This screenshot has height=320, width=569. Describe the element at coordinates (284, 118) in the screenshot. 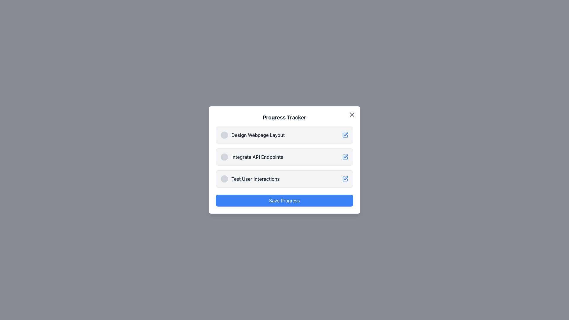

I see `text content of the bolded 'Progress Tracker' label located at the top of the content card` at that location.